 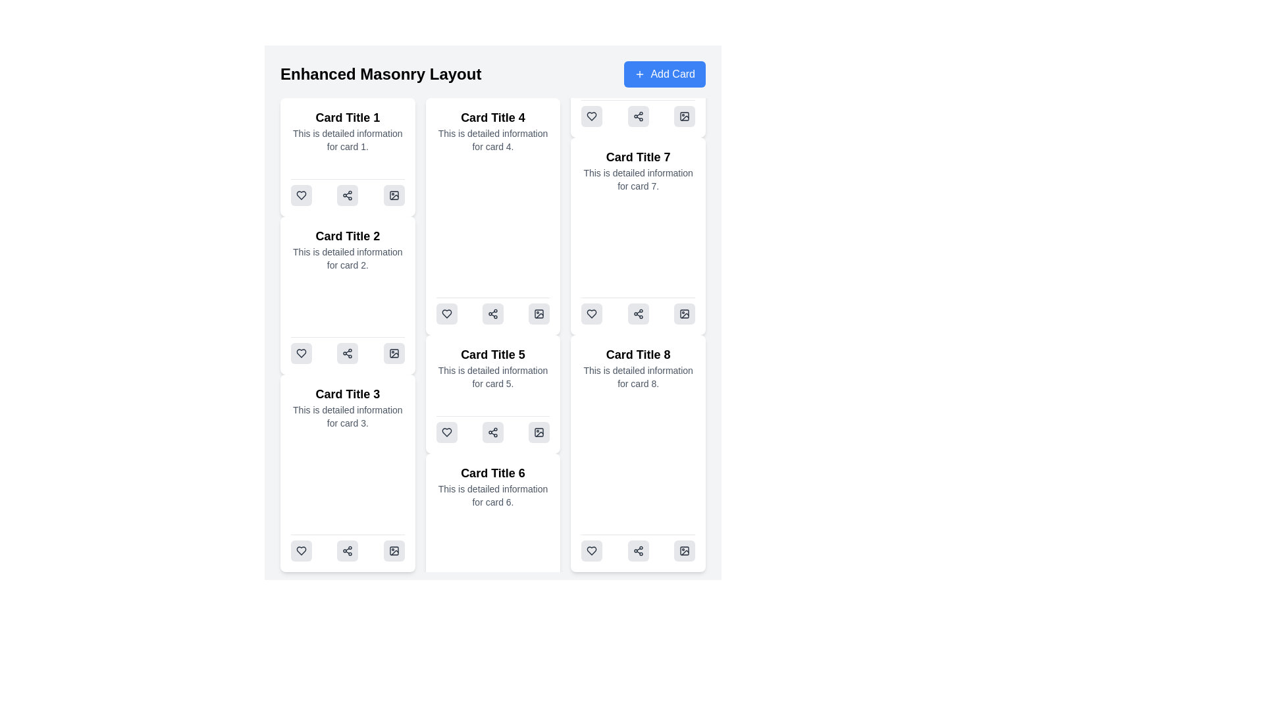 What do you see at coordinates (665, 74) in the screenshot?
I see `the button located at the top-right corner of the masonry layout, next to the title 'Enhanced Masonry Layout'` at bounding box center [665, 74].